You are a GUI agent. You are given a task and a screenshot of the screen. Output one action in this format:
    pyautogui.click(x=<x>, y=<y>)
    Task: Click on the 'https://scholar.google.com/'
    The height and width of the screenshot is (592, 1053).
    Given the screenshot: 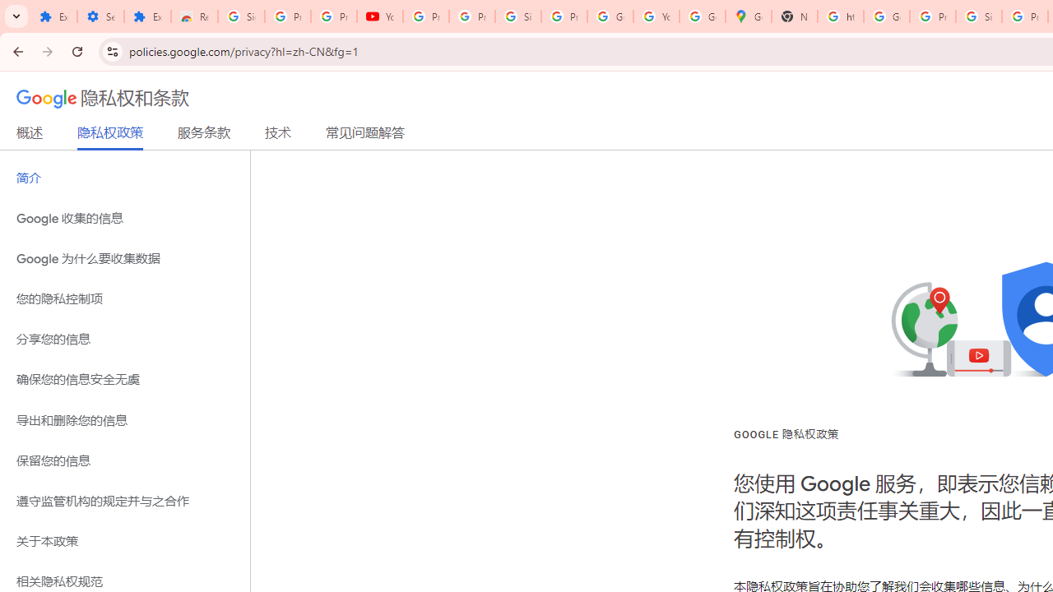 What is the action you would take?
    pyautogui.click(x=841, y=16)
    